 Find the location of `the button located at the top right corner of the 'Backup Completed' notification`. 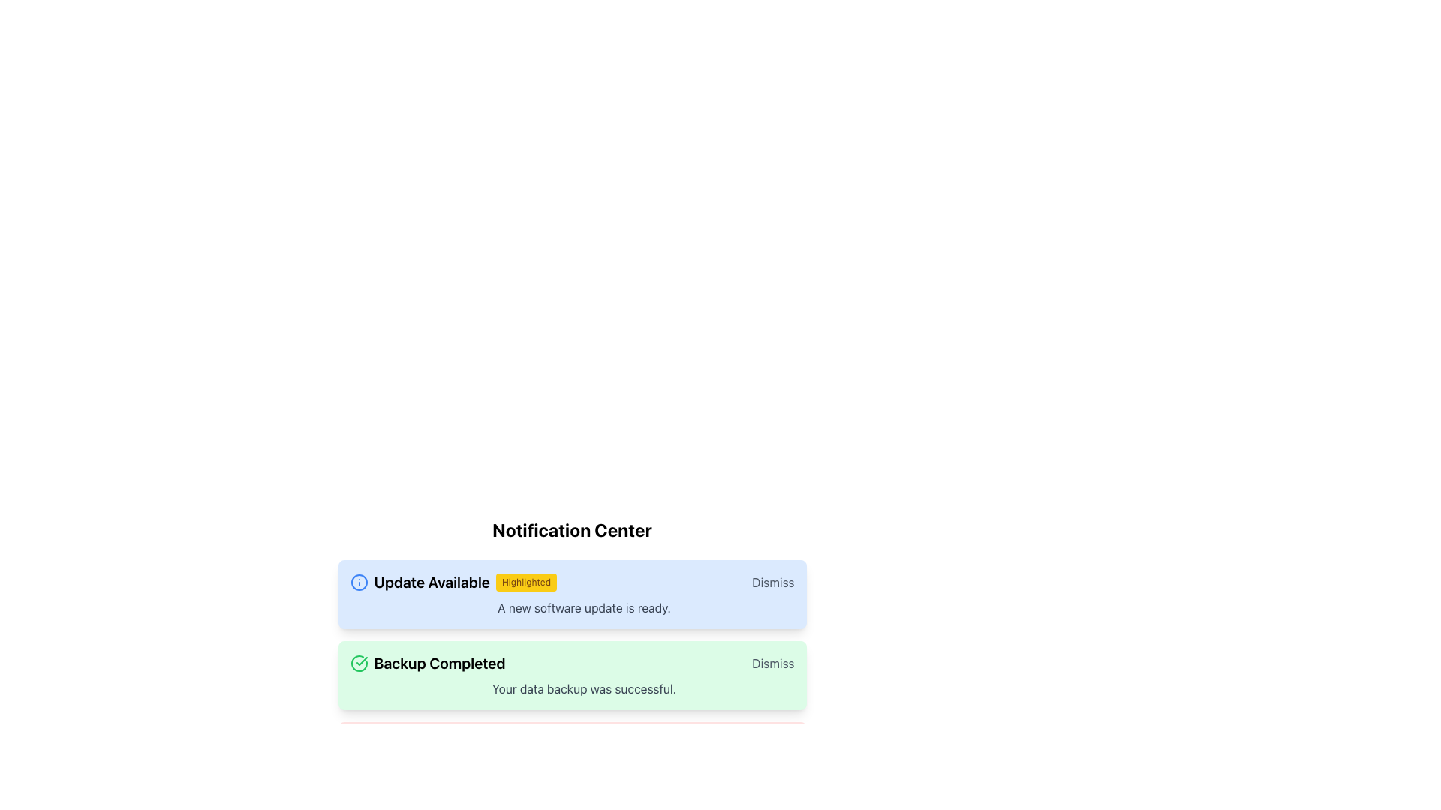

the button located at the top right corner of the 'Backup Completed' notification is located at coordinates (773, 662).